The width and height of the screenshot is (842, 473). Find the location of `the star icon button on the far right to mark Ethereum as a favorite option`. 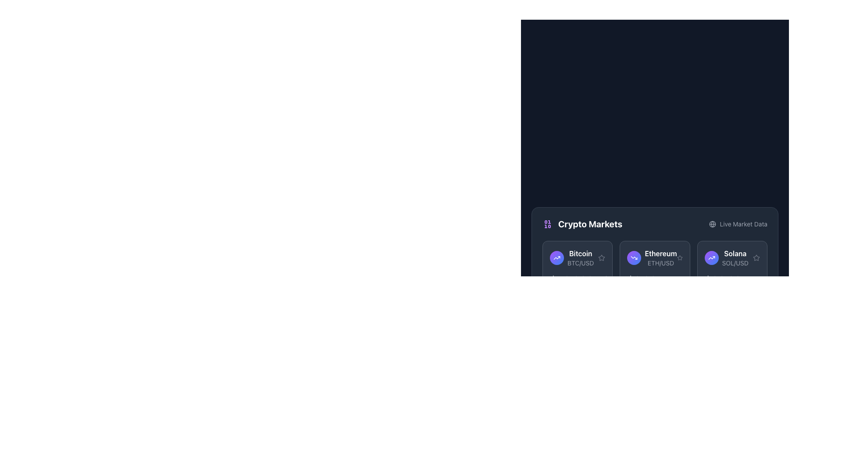

the star icon button on the far right to mark Ethereum as a favorite option is located at coordinates (679, 258).